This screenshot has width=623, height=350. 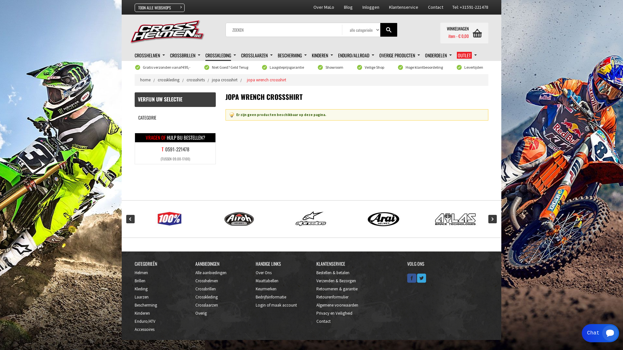 I want to click on 'Retourenformulier', so click(x=332, y=297).